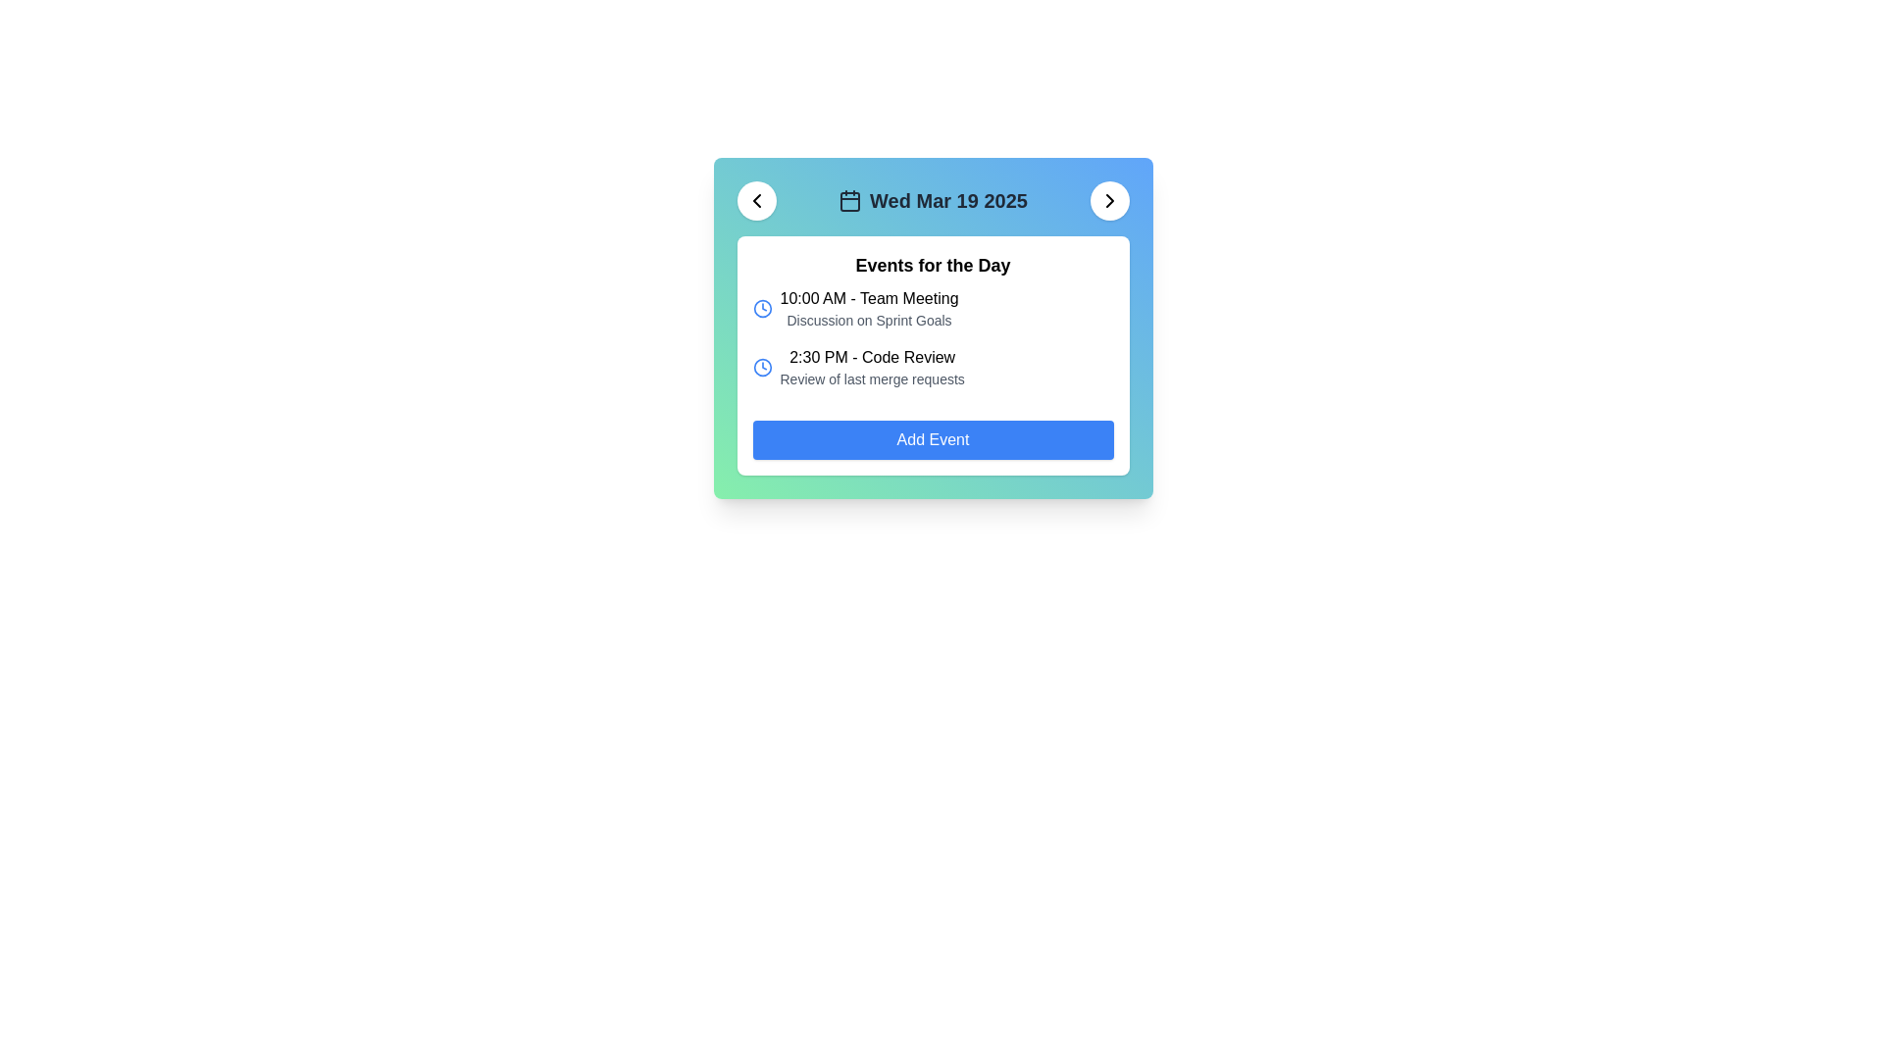 The width and height of the screenshot is (1883, 1059). What do you see at coordinates (1109, 200) in the screenshot?
I see `the circular button with a white background and chevron-right icon located at the top-right of the card displaying the date 'Wed Mar 19 2025'` at bounding box center [1109, 200].